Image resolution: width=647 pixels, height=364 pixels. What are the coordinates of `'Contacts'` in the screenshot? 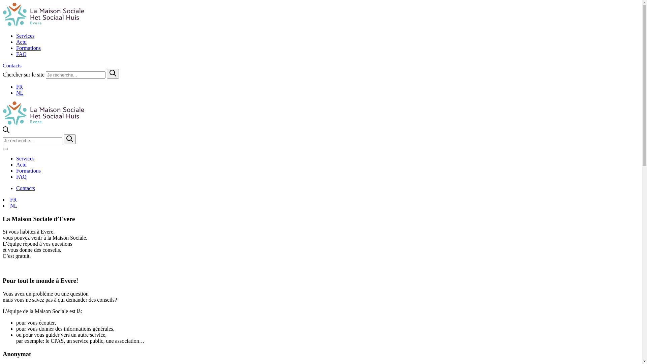 It's located at (12, 65).